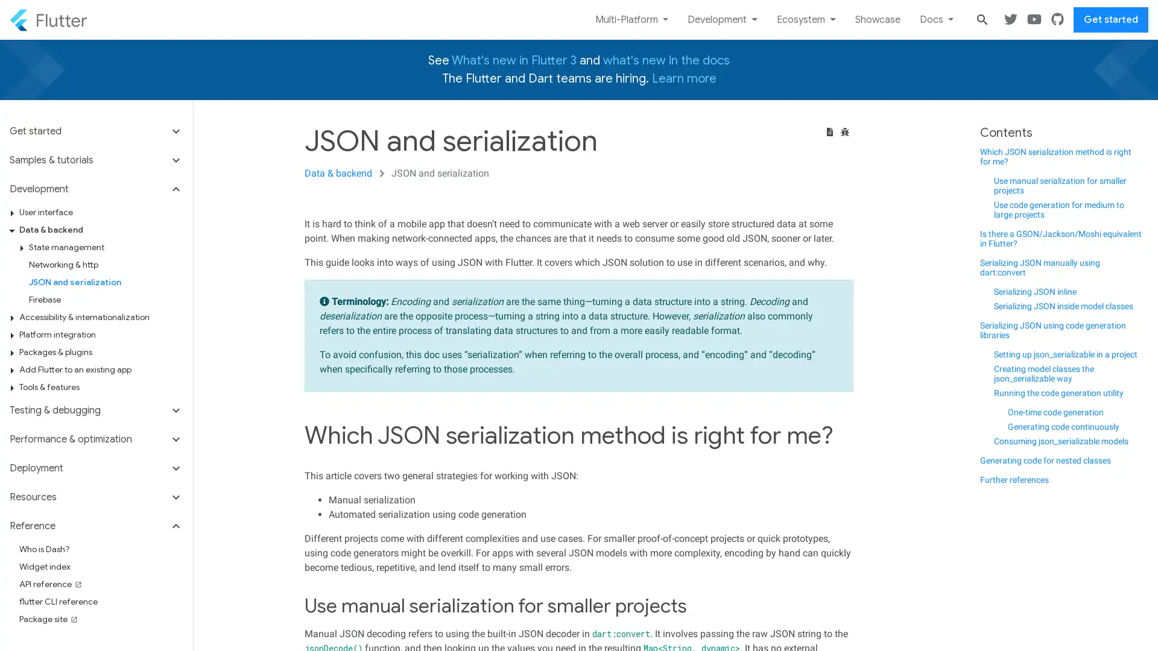 Image resolution: width=1158 pixels, height=651 pixels. Describe the element at coordinates (106, 247) in the screenshot. I see `arrow_drop_down State management` at that location.